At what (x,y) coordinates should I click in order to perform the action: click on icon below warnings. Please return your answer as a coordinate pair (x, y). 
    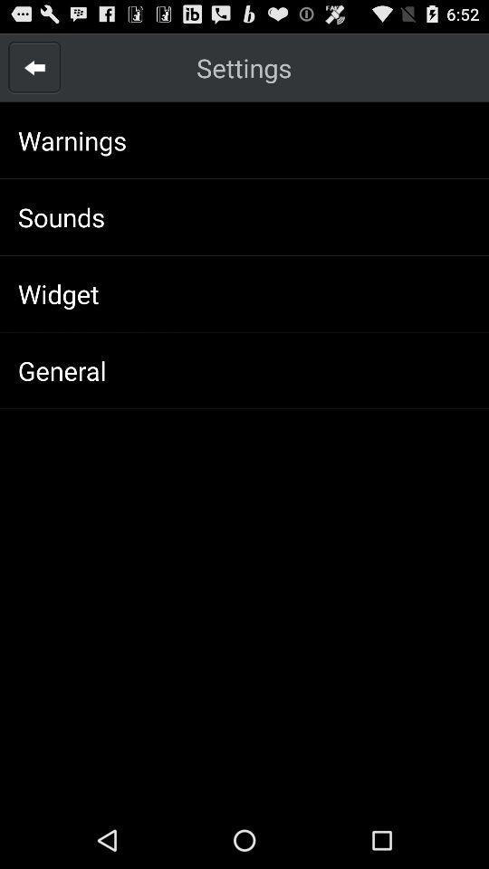
    Looking at the image, I should click on (61, 216).